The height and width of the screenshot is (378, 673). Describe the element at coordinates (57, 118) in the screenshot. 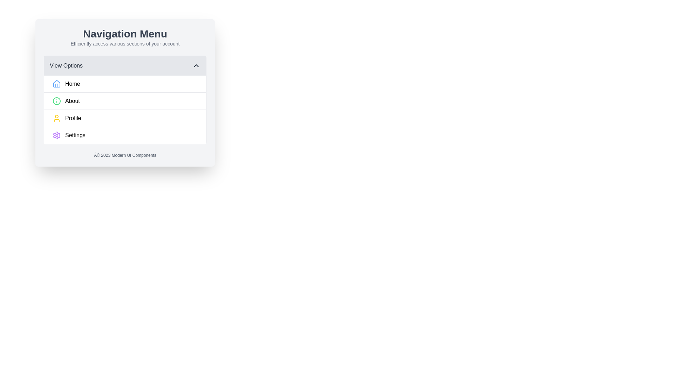

I see `the 'Profile' icon located in the navigation menu, which serves as a graphical cue for the 'Profile' section` at that location.